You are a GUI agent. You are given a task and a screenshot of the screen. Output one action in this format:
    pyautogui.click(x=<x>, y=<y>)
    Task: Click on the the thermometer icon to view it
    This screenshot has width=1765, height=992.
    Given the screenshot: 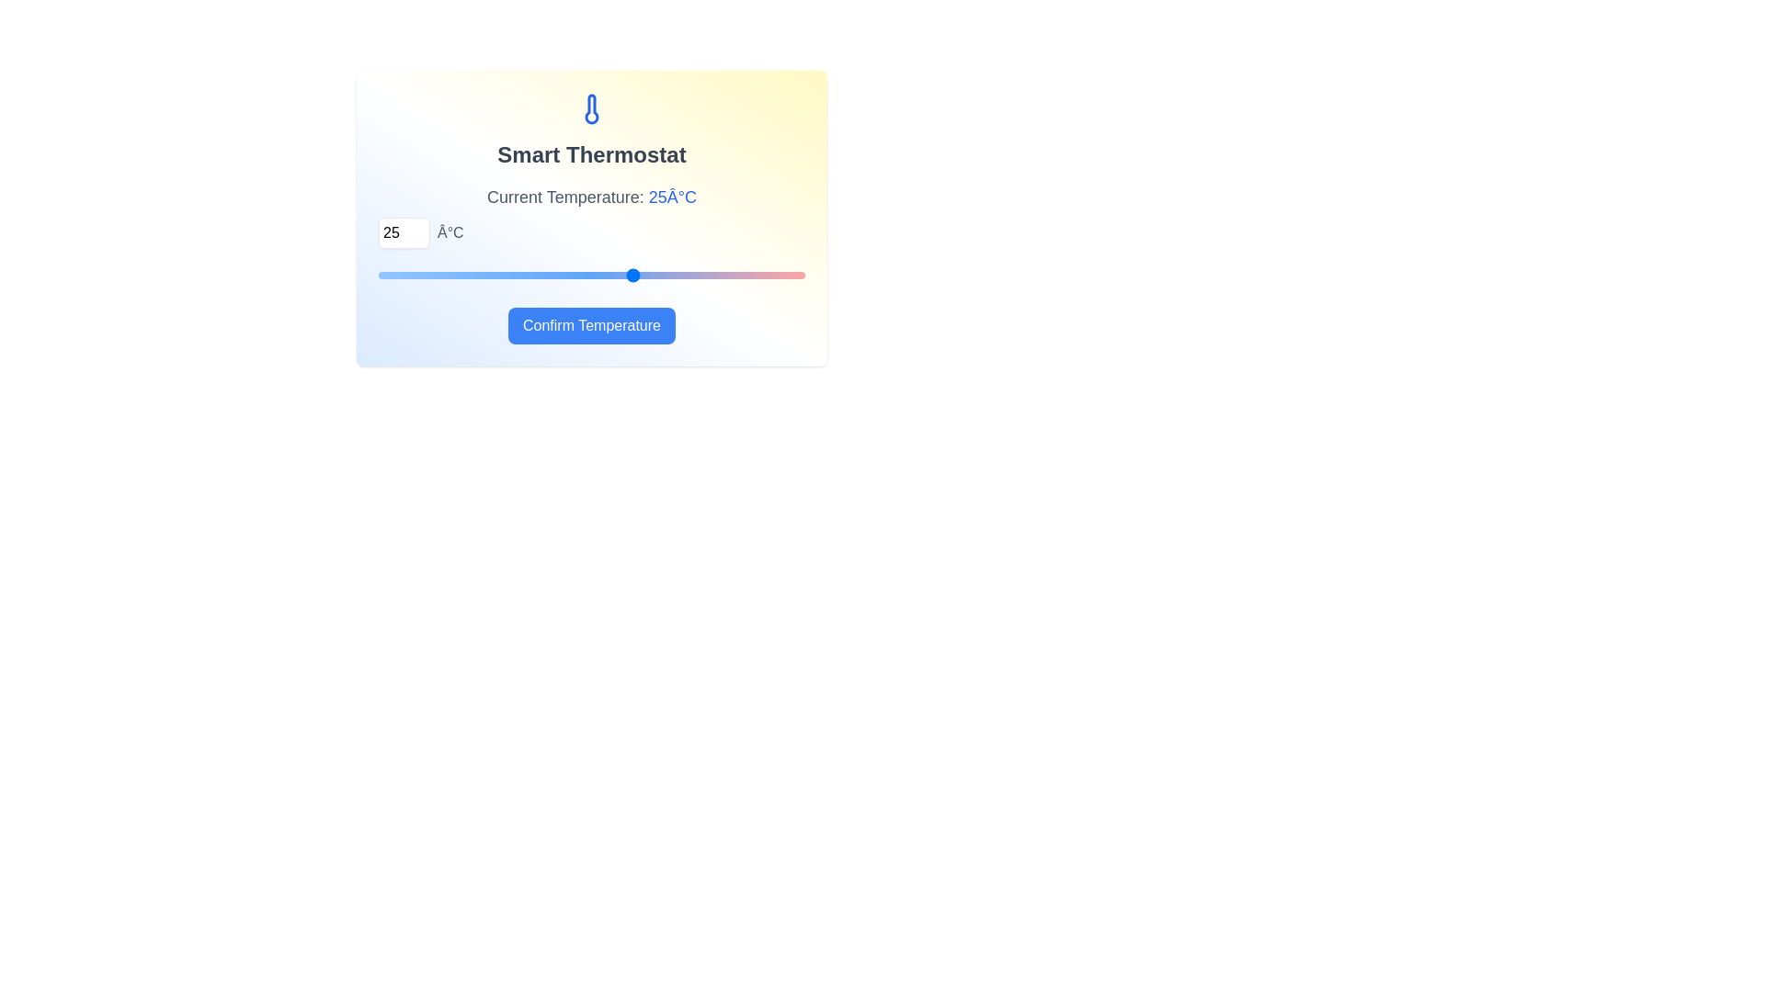 What is the action you would take?
    pyautogui.click(x=591, y=109)
    